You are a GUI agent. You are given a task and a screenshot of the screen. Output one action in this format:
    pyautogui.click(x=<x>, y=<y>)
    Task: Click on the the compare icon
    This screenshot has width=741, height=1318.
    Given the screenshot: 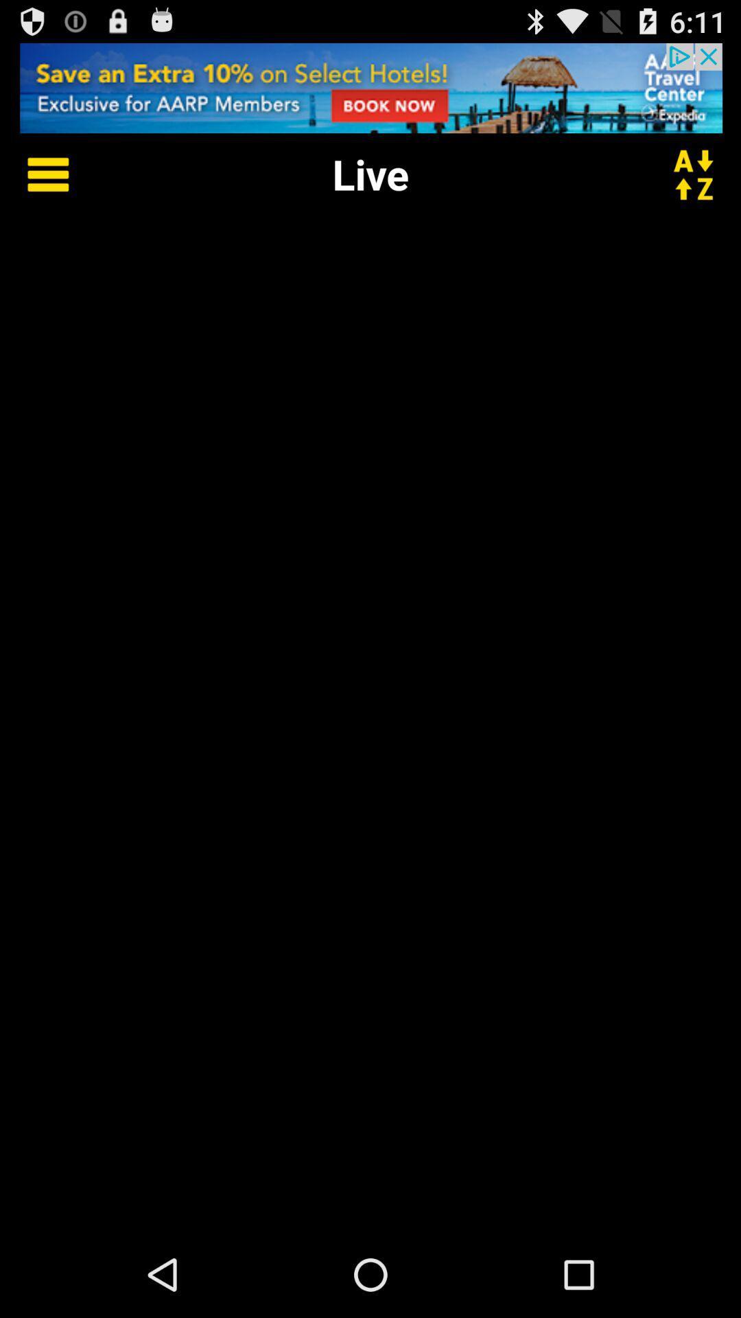 What is the action you would take?
    pyautogui.click(x=702, y=185)
    